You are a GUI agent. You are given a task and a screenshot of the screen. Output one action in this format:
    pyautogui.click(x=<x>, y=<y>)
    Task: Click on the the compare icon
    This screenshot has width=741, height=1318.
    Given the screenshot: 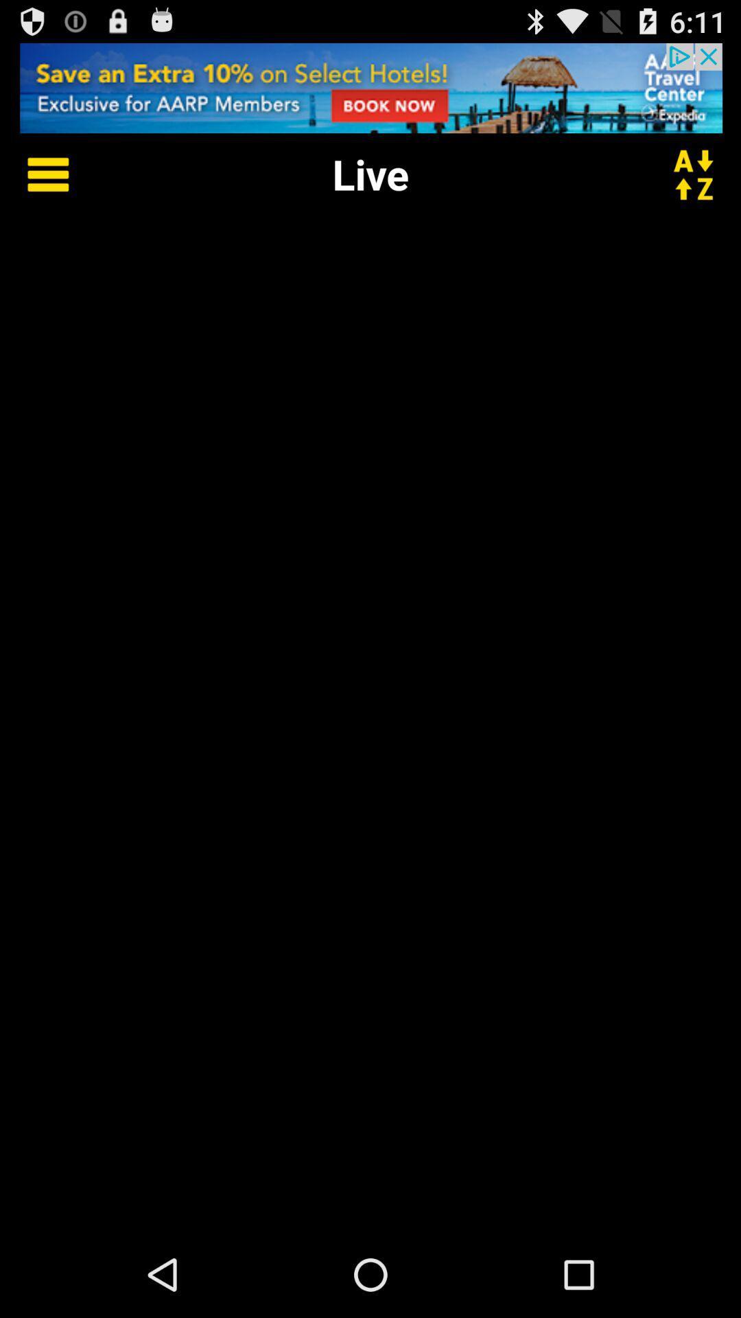 What is the action you would take?
    pyautogui.click(x=702, y=185)
    